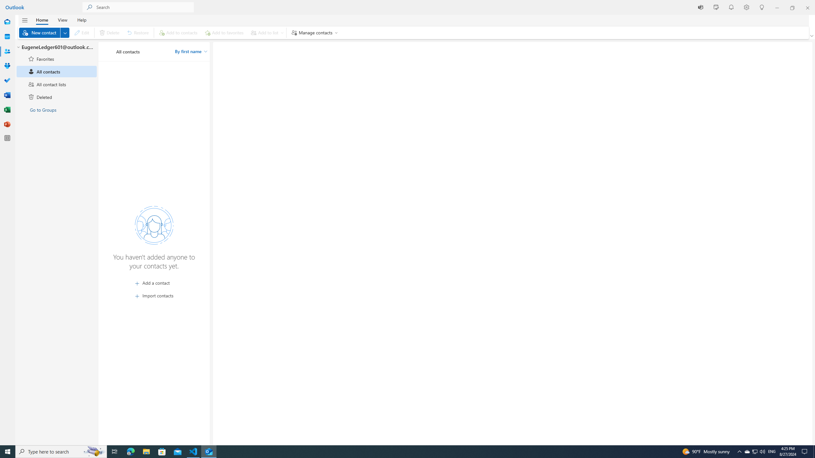 The width and height of the screenshot is (815, 458). Describe the element at coordinates (145, 7) in the screenshot. I see `'Search'` at that location.